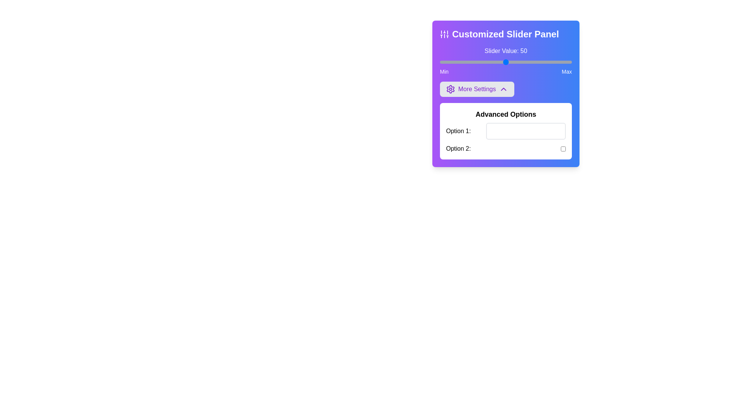 Image resolution: width=732 pixels, height=412 pixels. What do you see at coordinates (453, 61) in the screenshot?
I see `the slider` at bounding box center [453, 61].